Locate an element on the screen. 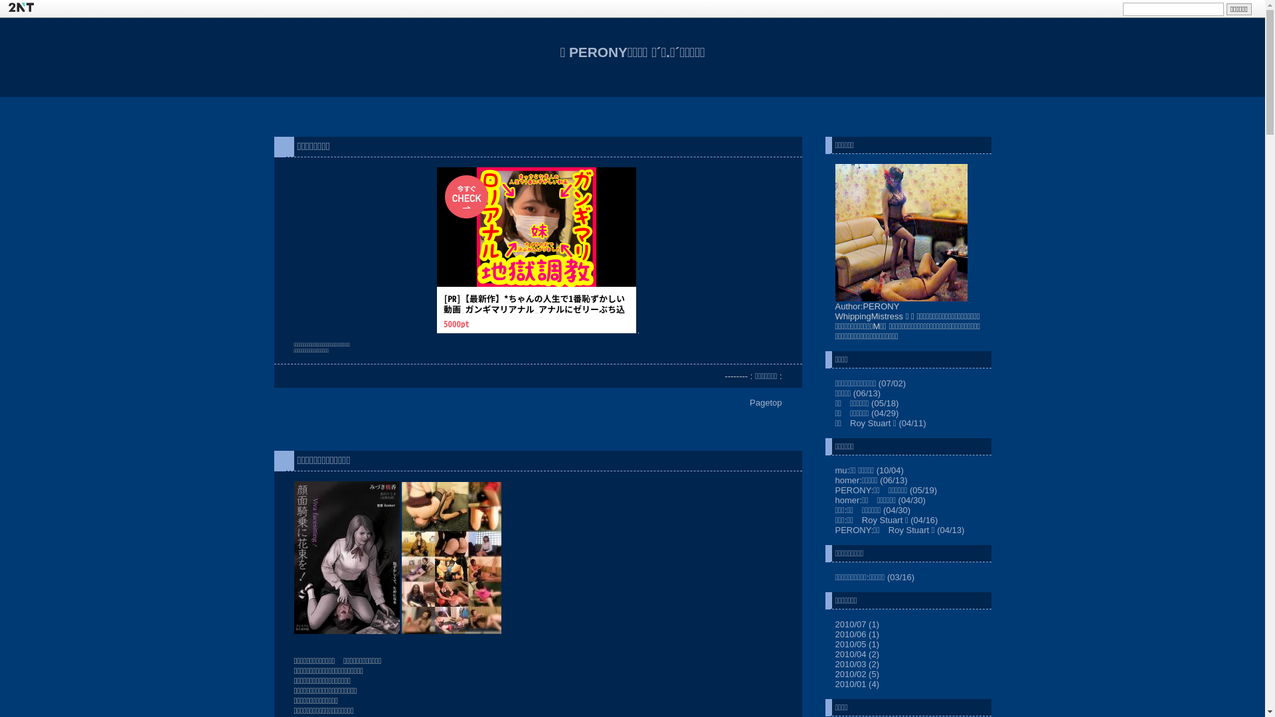 The image size is (1275, 717). '2010/06 (1)' is located at coordinates (834, 633).